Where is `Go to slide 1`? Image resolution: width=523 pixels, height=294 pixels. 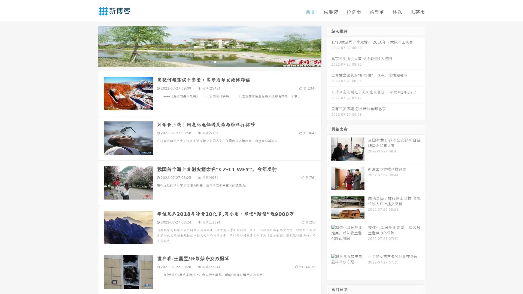
Go to slide 1 is located at coordinates (204, 61).